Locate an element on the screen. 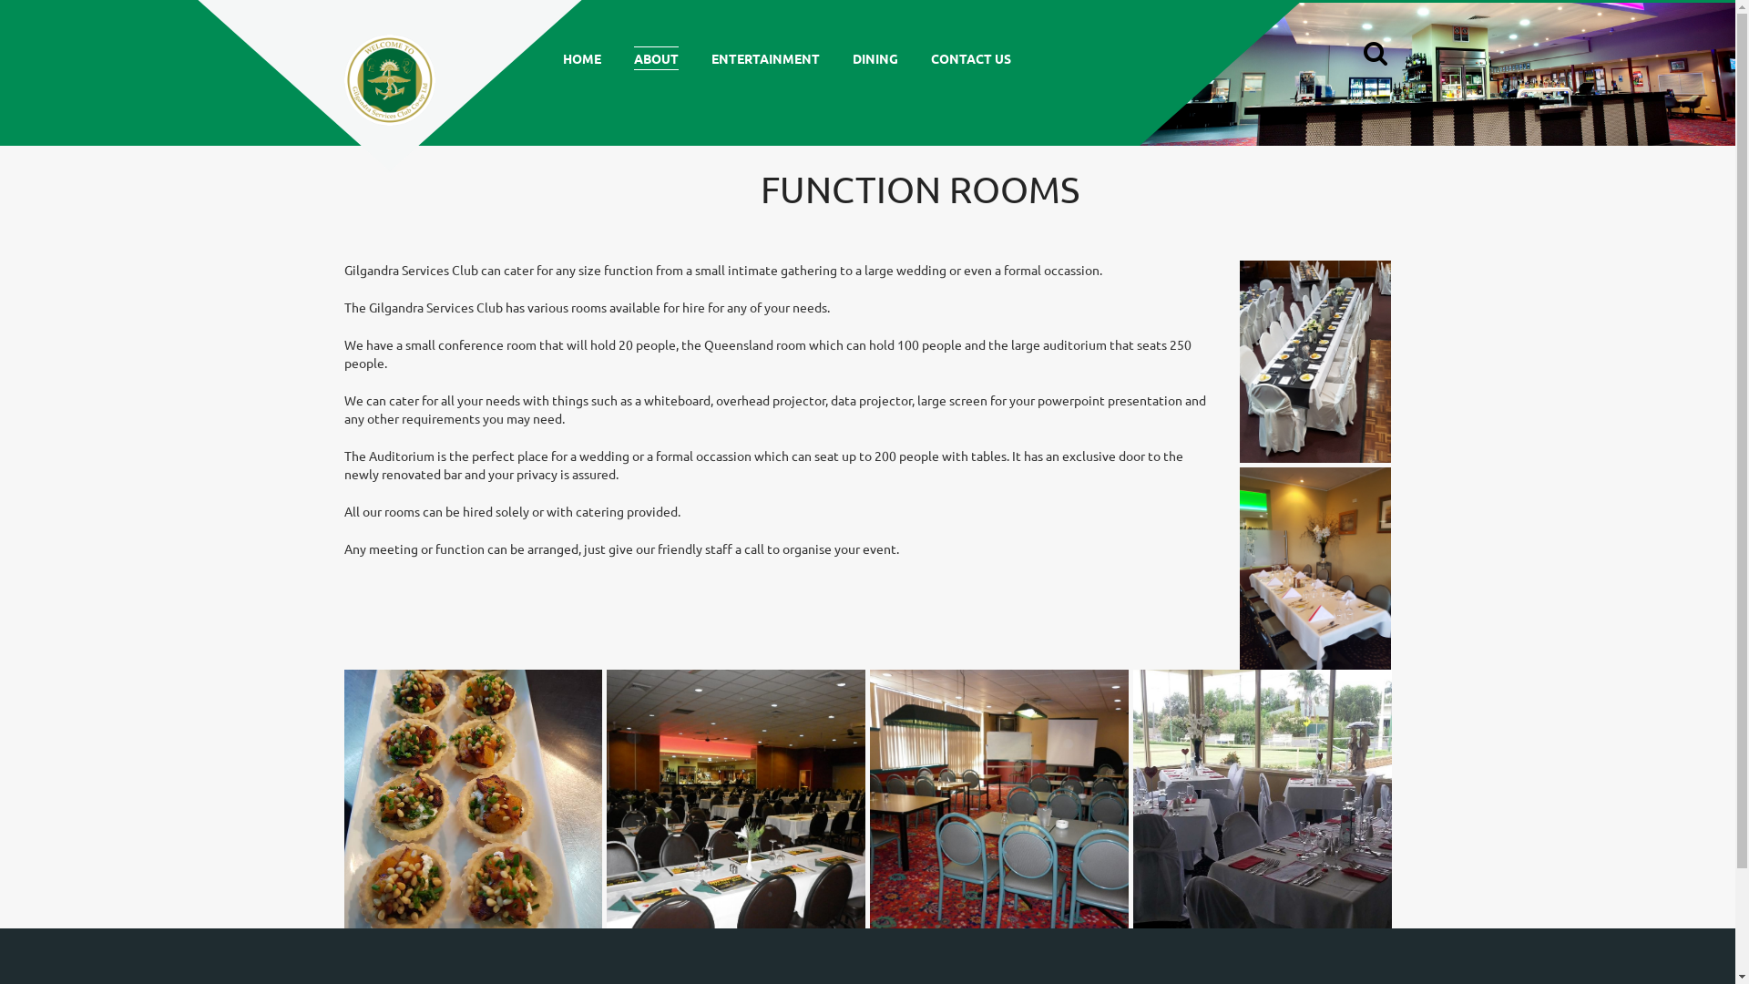  'decorx2' is located at coordinates (1315, 362).